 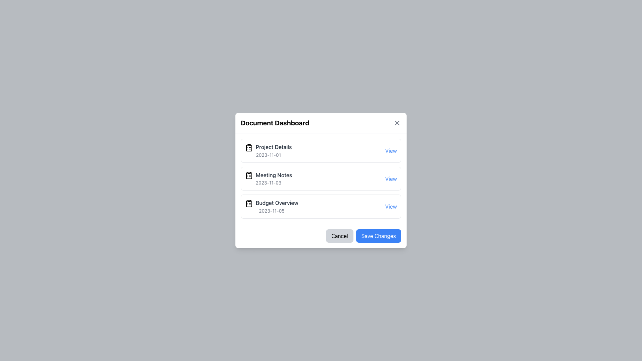 I want to click on the interactive text link for 'Budget Overview' to change its color, so click(x=391, y=206).